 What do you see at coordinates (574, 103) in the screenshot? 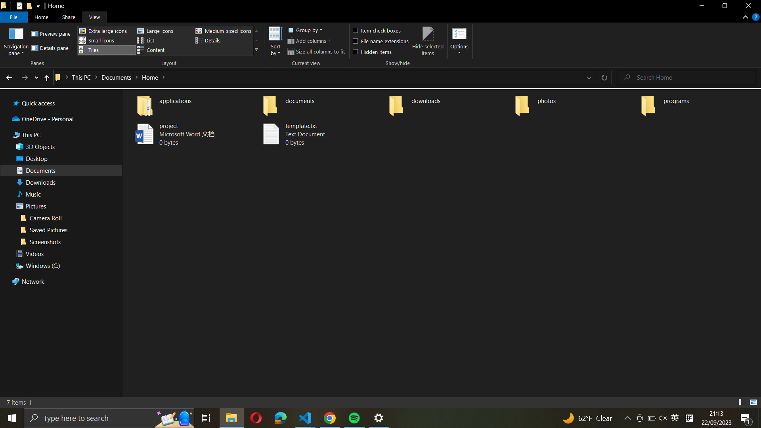
I see `the "photos" folder and create a new folder named "vacation` at bounding box center [574, 103].